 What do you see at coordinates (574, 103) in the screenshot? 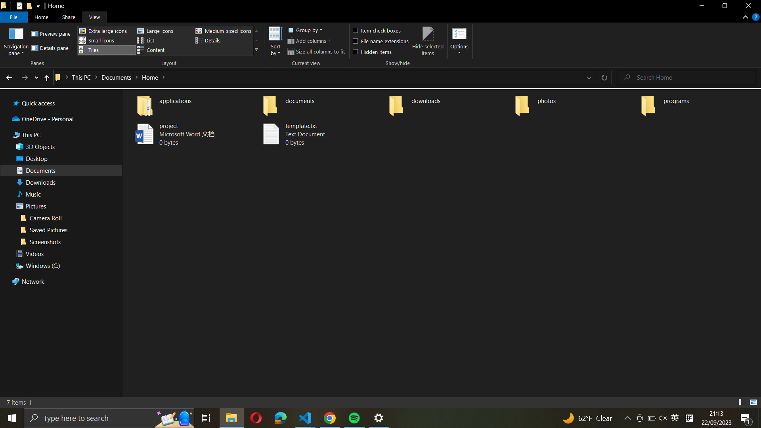
I see `the "photos" folder and create a new folder named "vacation` at bounding box center [574, 103].